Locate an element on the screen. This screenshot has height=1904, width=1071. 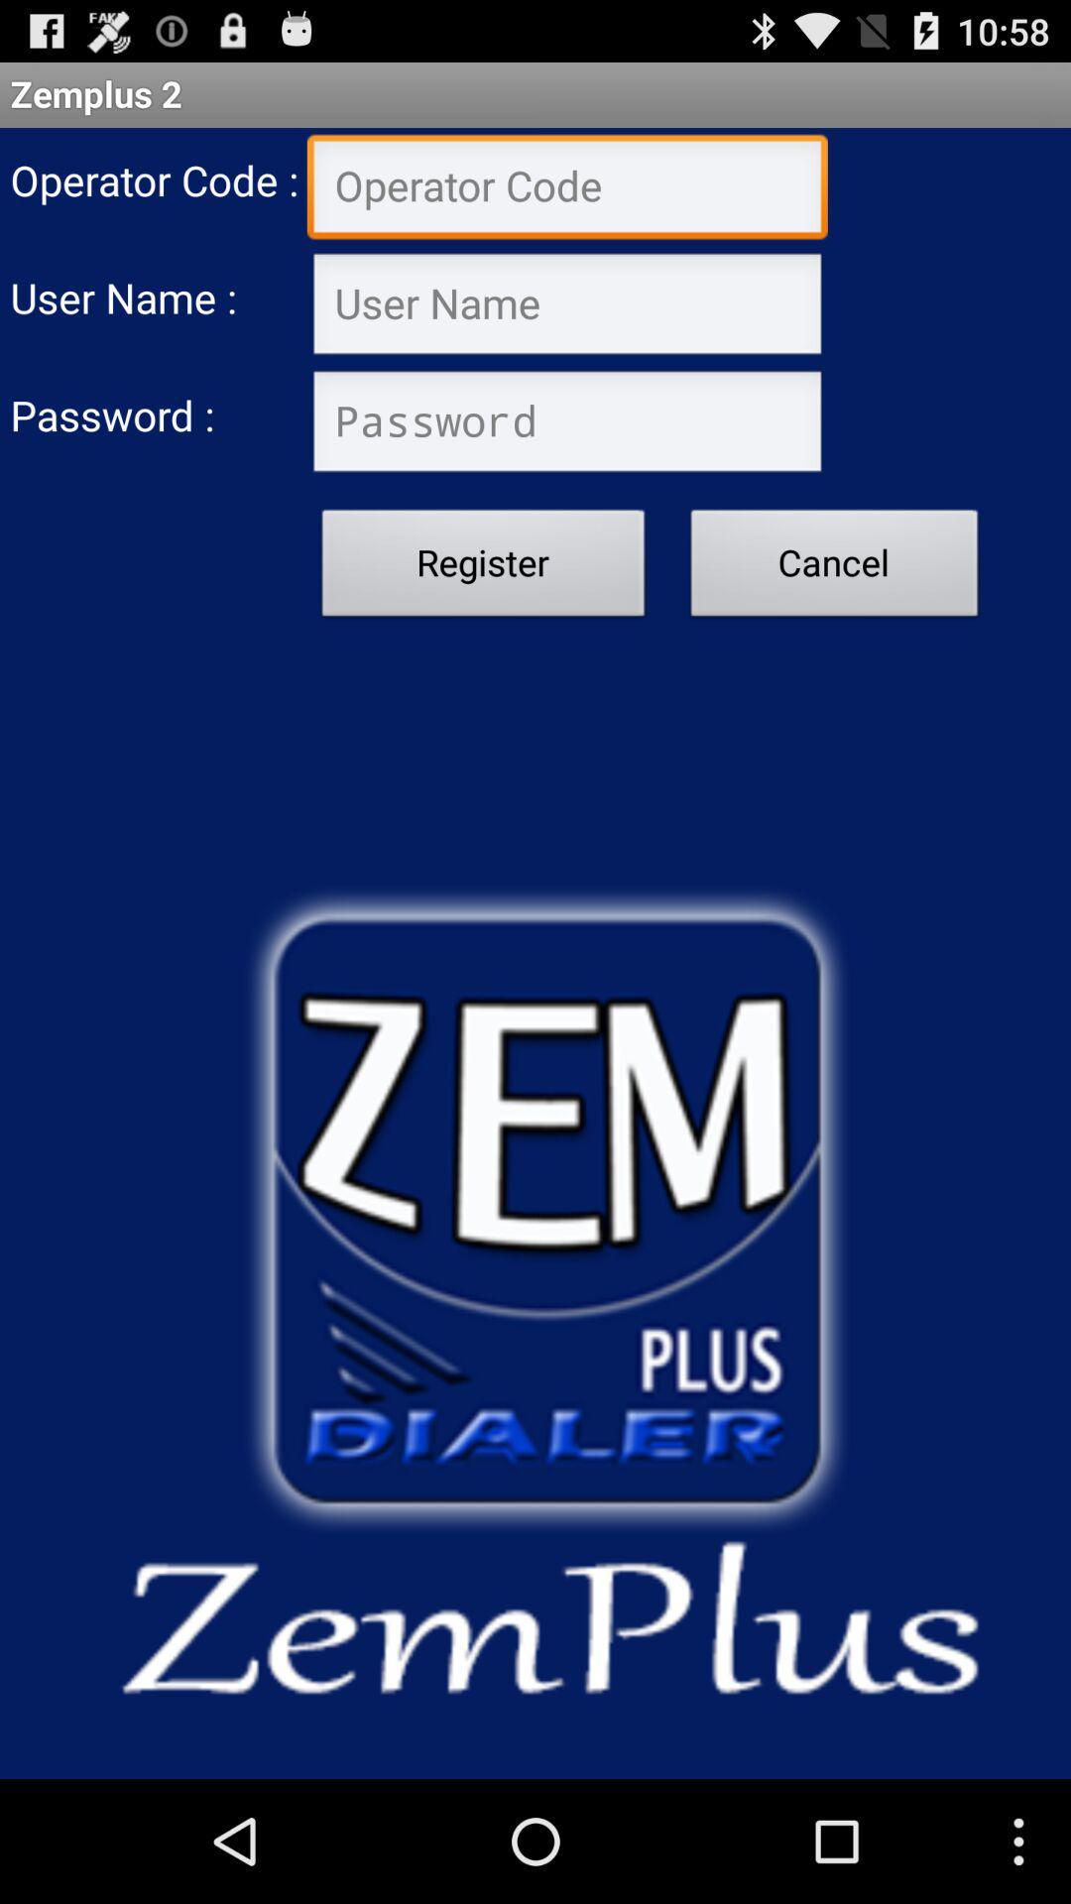
password is located at coordinates (567, 422).